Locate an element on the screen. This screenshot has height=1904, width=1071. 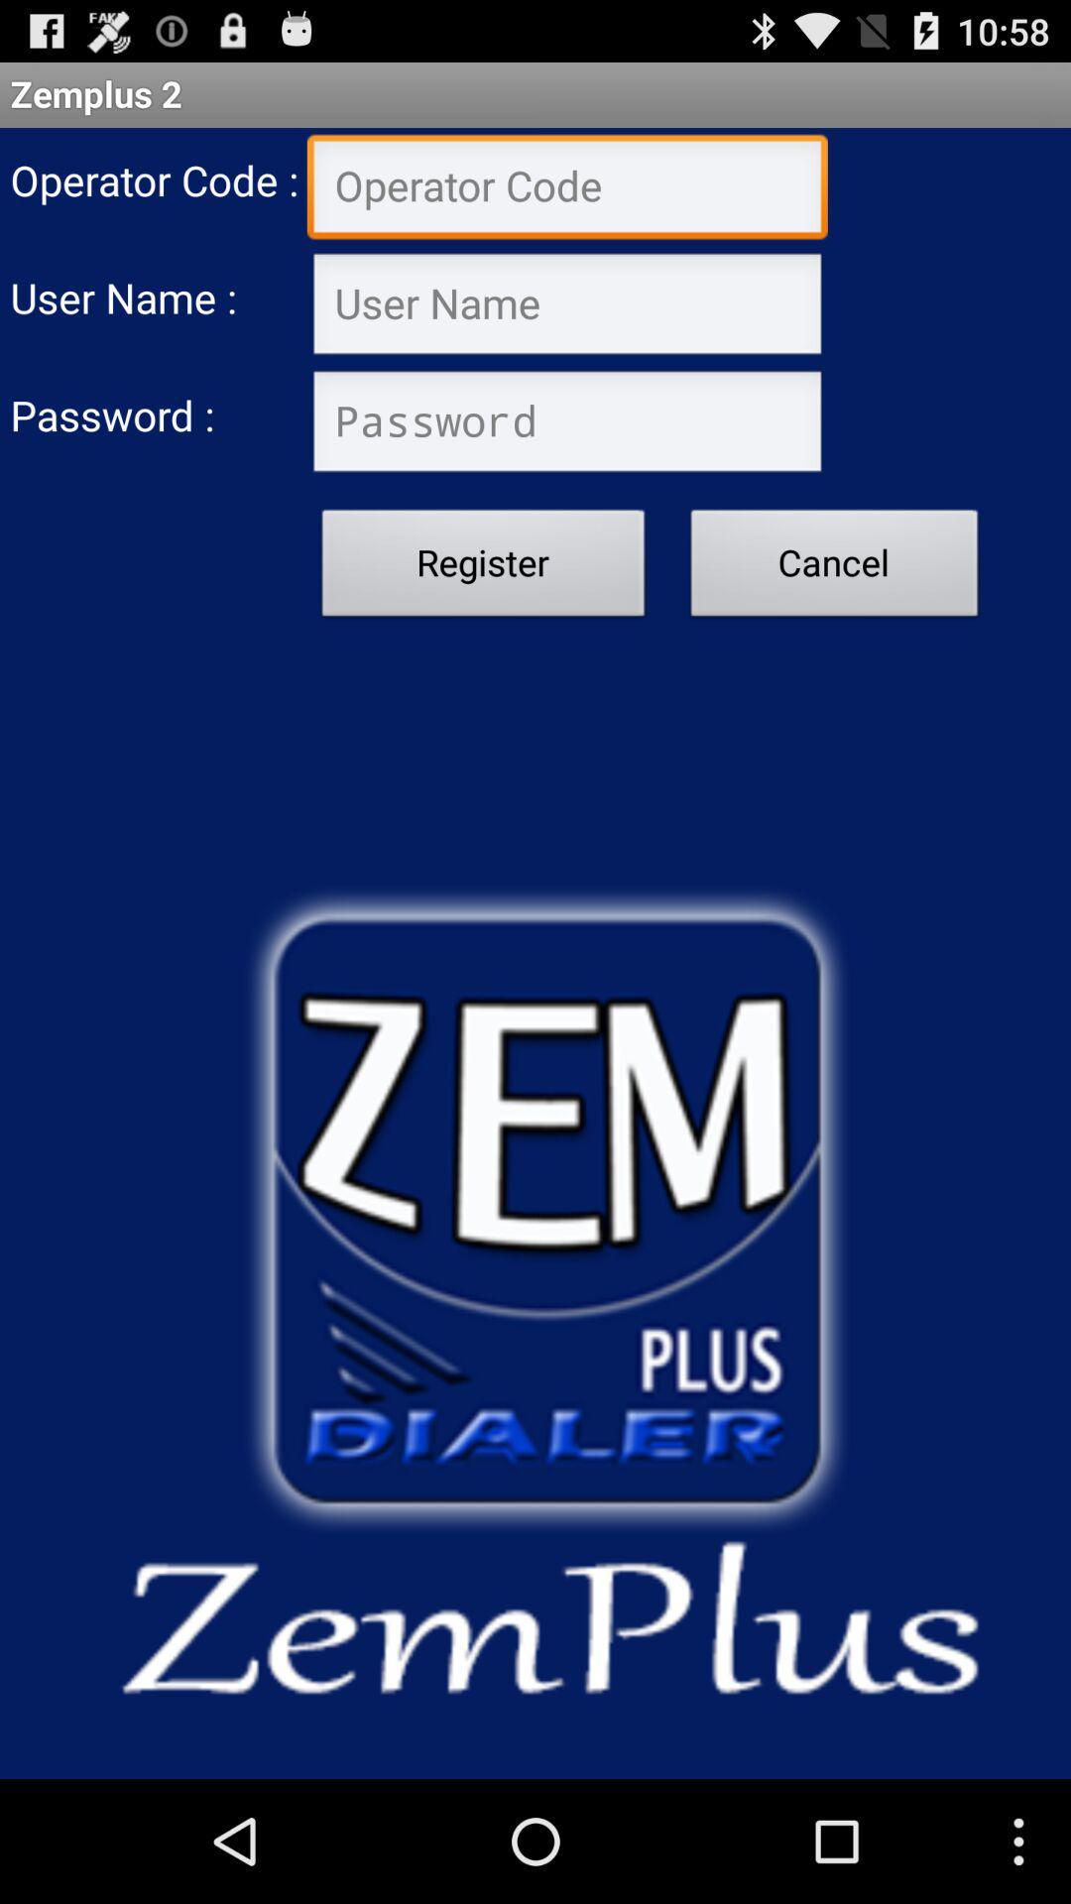
password is located at coordinates (567, 422).